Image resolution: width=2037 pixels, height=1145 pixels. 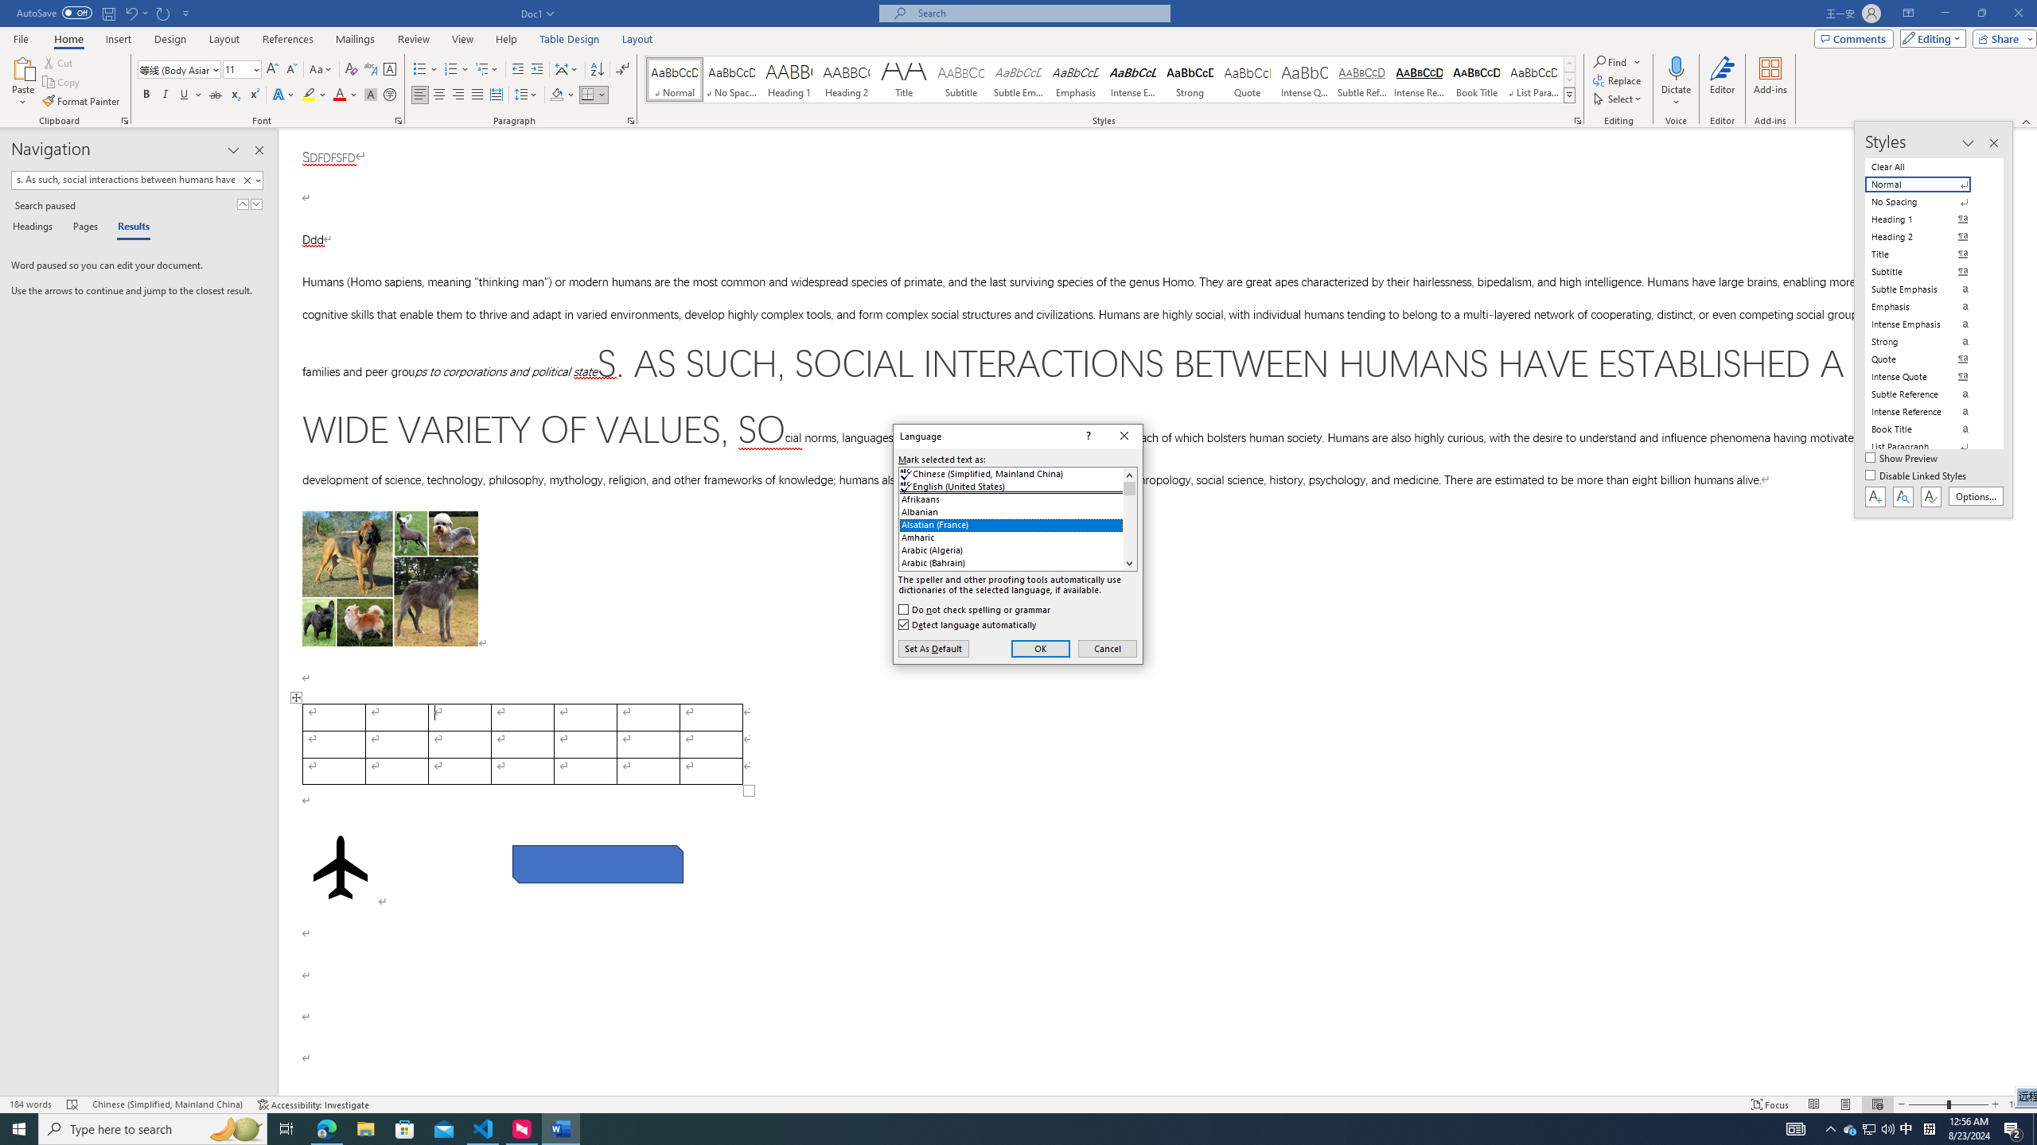 I want to click on 'Subscript', so click(x=234, y=94).